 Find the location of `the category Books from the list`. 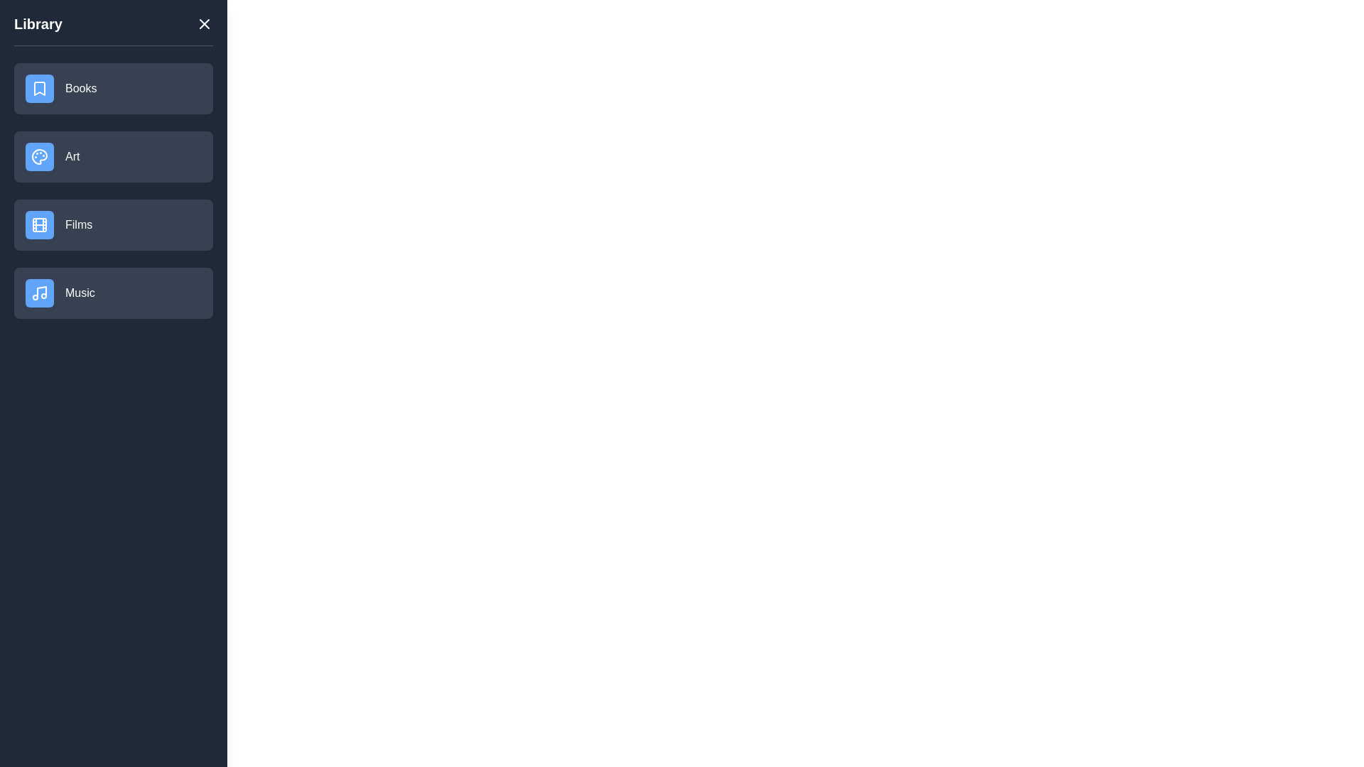

the category Books from the list is located at coordinates (112, 88).